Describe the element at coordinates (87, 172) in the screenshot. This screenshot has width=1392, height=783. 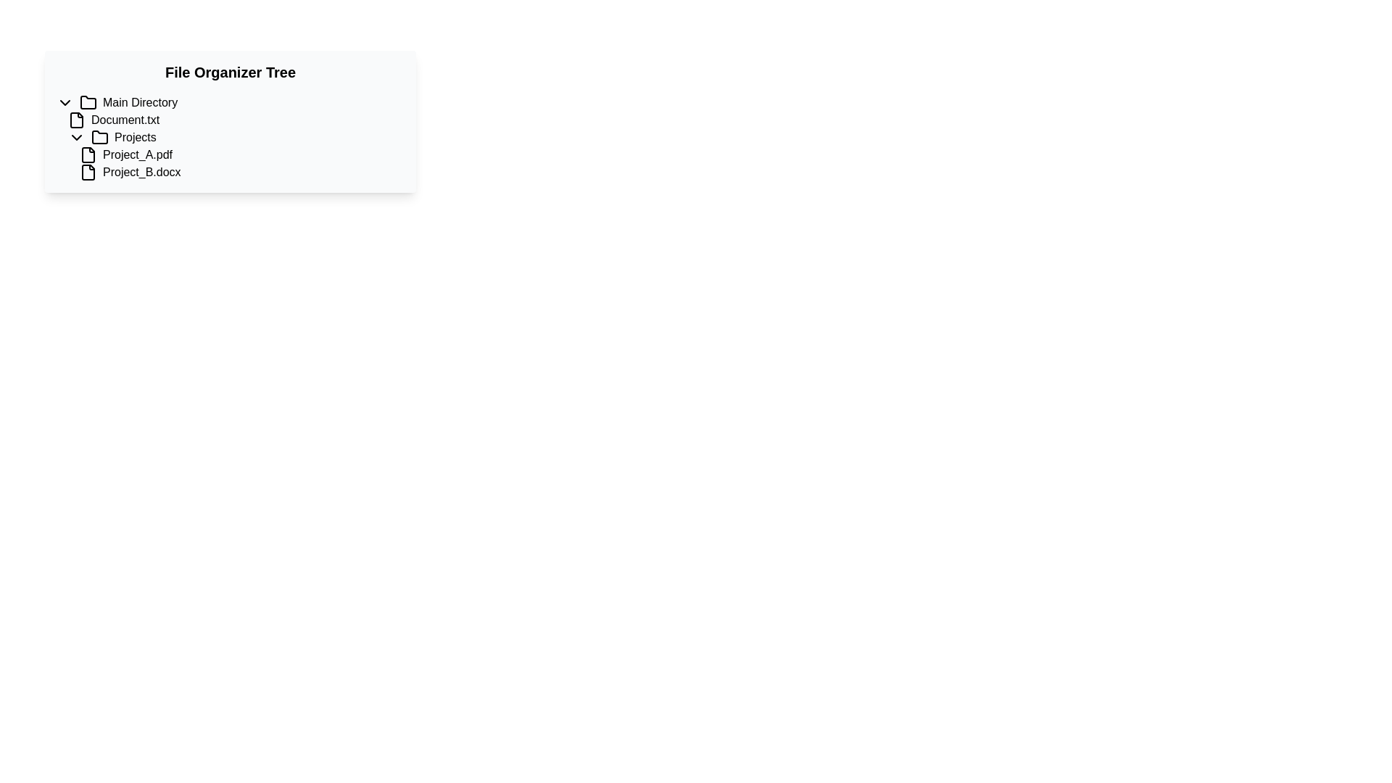
I see `the document icon representing the file 'Project_B.docx' in the file tree structure` at that location.